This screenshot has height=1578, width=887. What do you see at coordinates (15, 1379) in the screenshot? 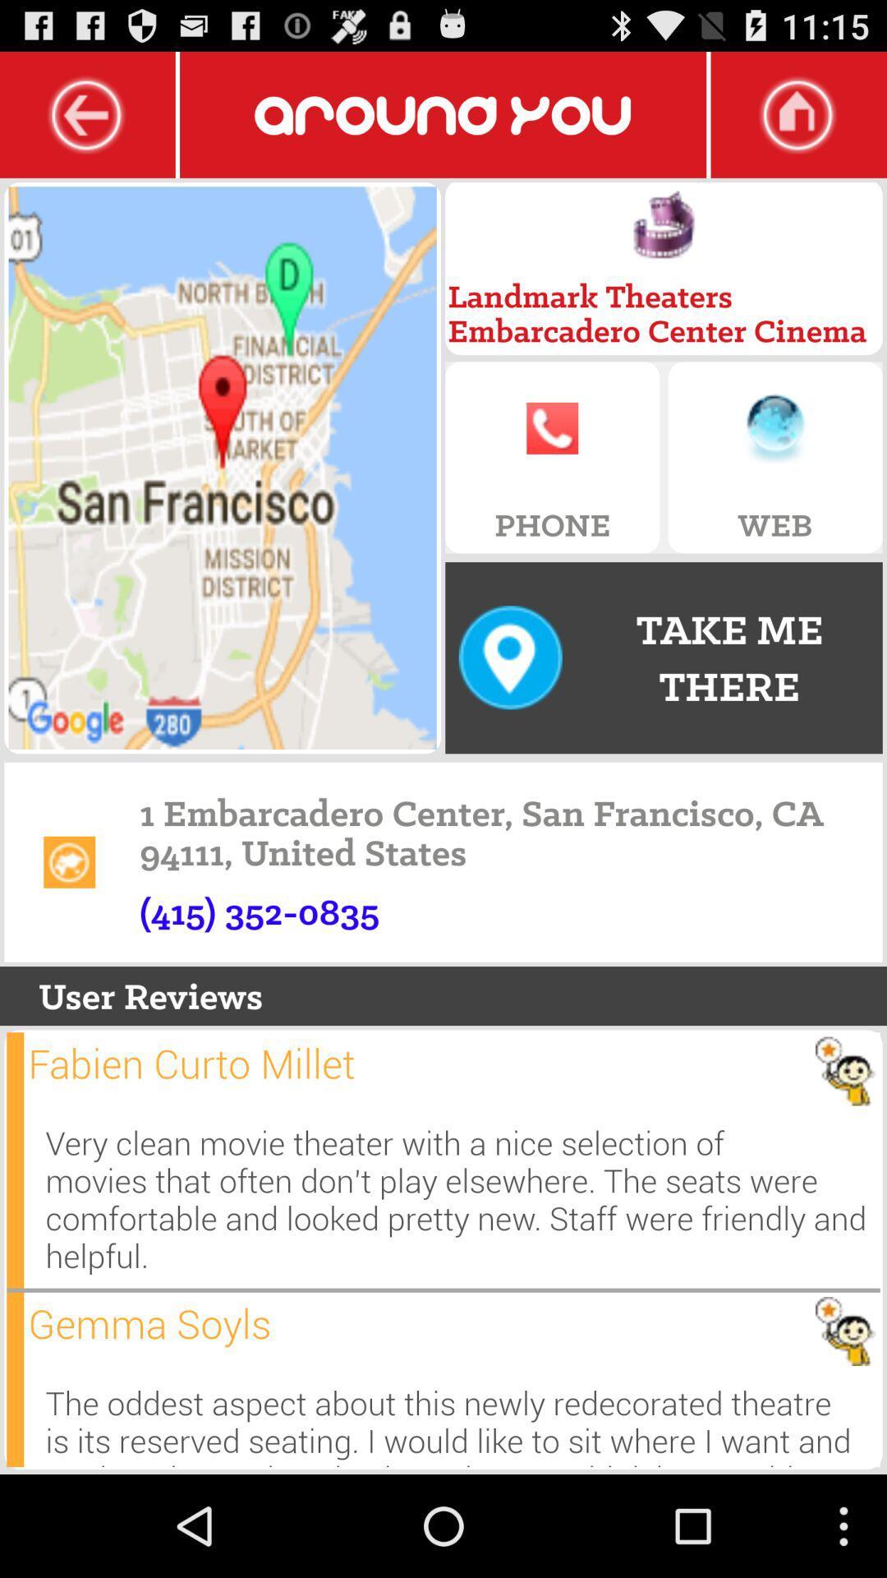
I see `app to the left of gemma soyls item` at bounding box center [15, 1379].